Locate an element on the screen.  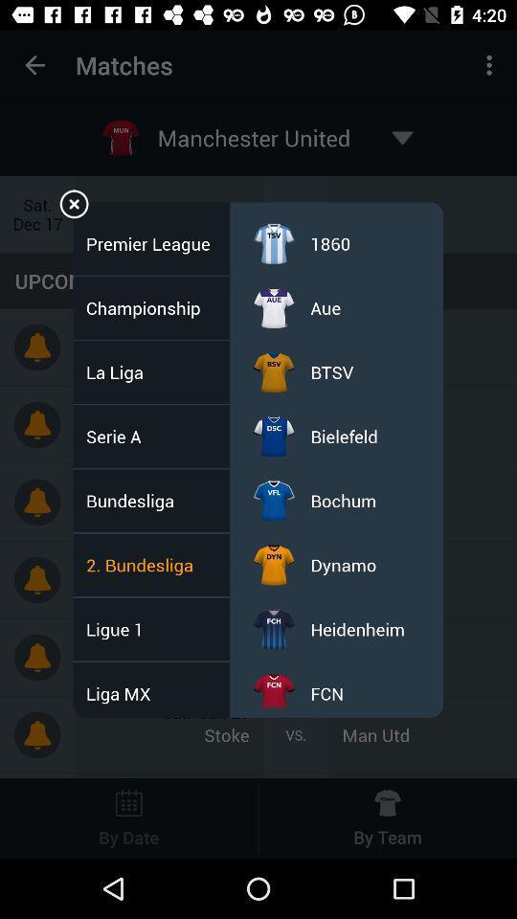
menu is located at coordinates (73, 207).